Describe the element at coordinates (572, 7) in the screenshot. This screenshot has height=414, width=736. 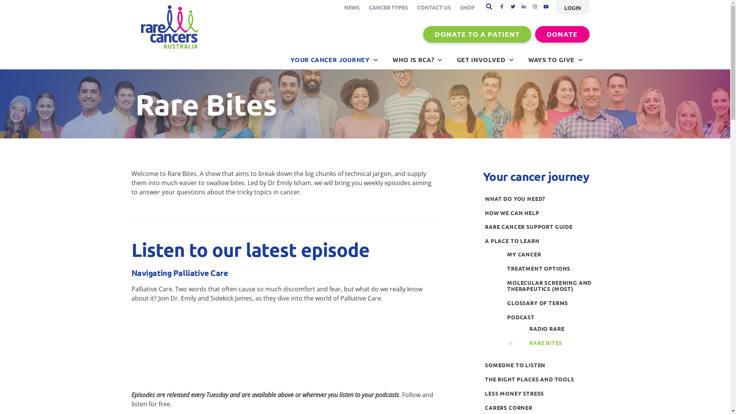
I see `'LOGIN'` at that location.